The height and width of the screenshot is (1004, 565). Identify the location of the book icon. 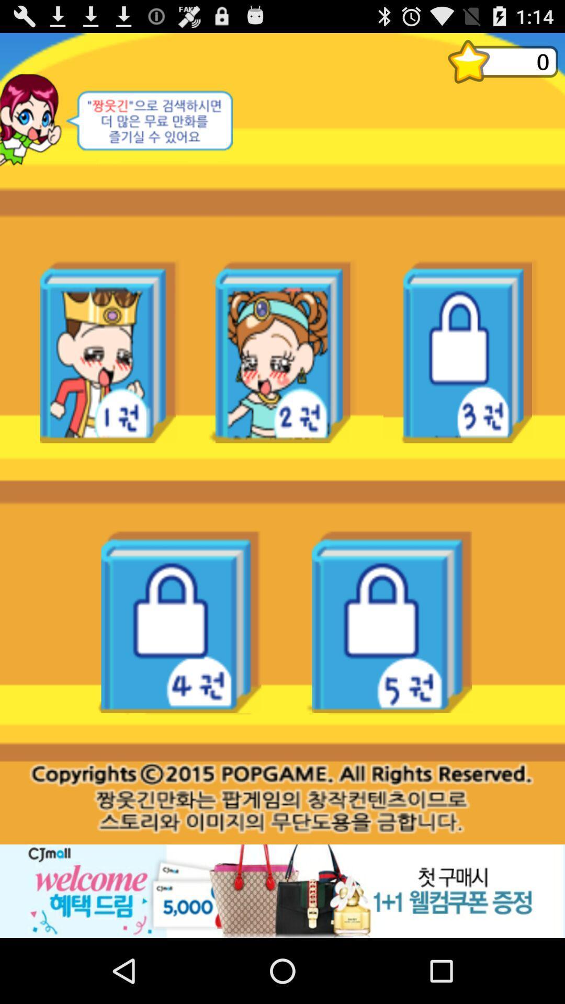
(502, 65).